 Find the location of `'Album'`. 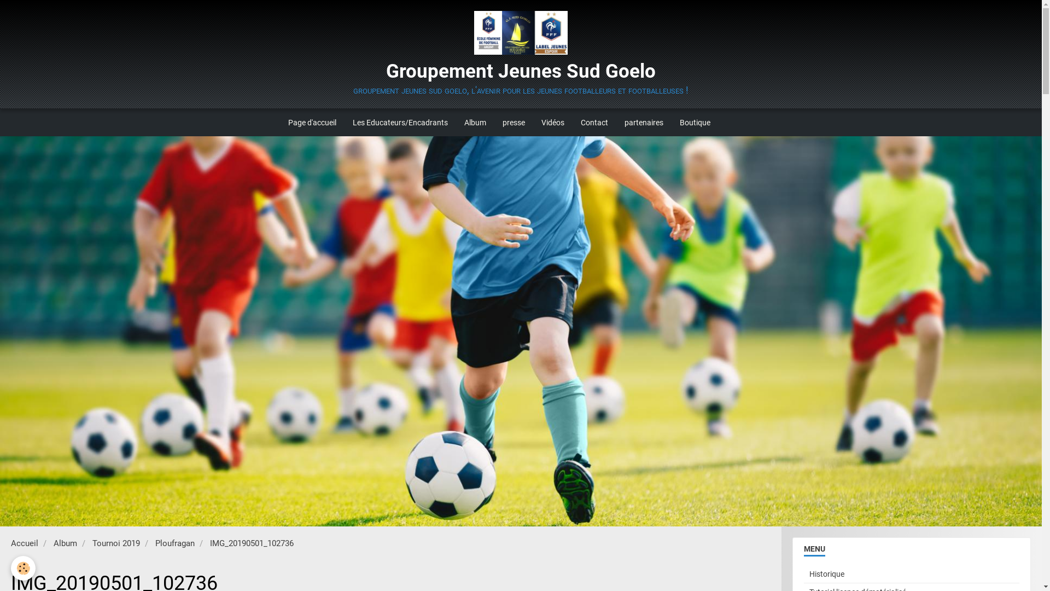

'Album' is located at coordinates (65, 543).